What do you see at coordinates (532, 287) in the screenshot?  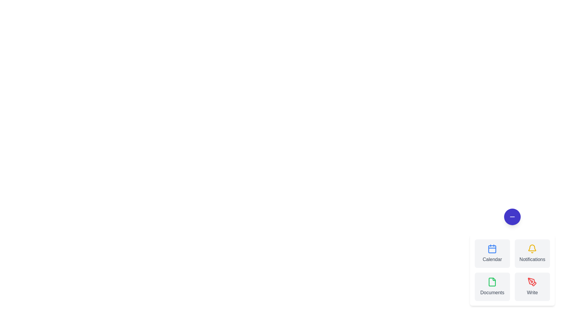 I see `the 'Write' button to trigger its associated functionality` at bounding box center [532, 287].